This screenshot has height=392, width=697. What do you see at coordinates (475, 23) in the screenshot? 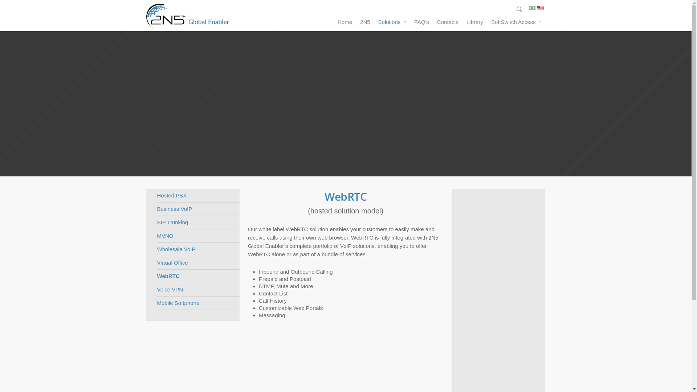
I see `'Library'` at bounding box center [475, 23].